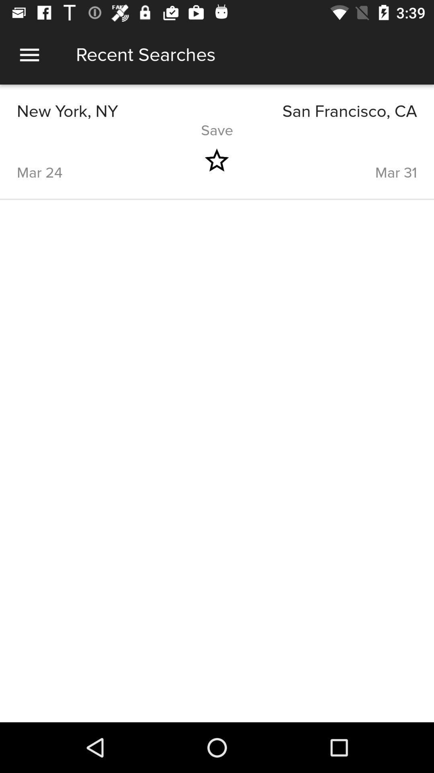 The height and width of the screenshot is (773, 434). I want to click on drop down menu, so click(29, 54).